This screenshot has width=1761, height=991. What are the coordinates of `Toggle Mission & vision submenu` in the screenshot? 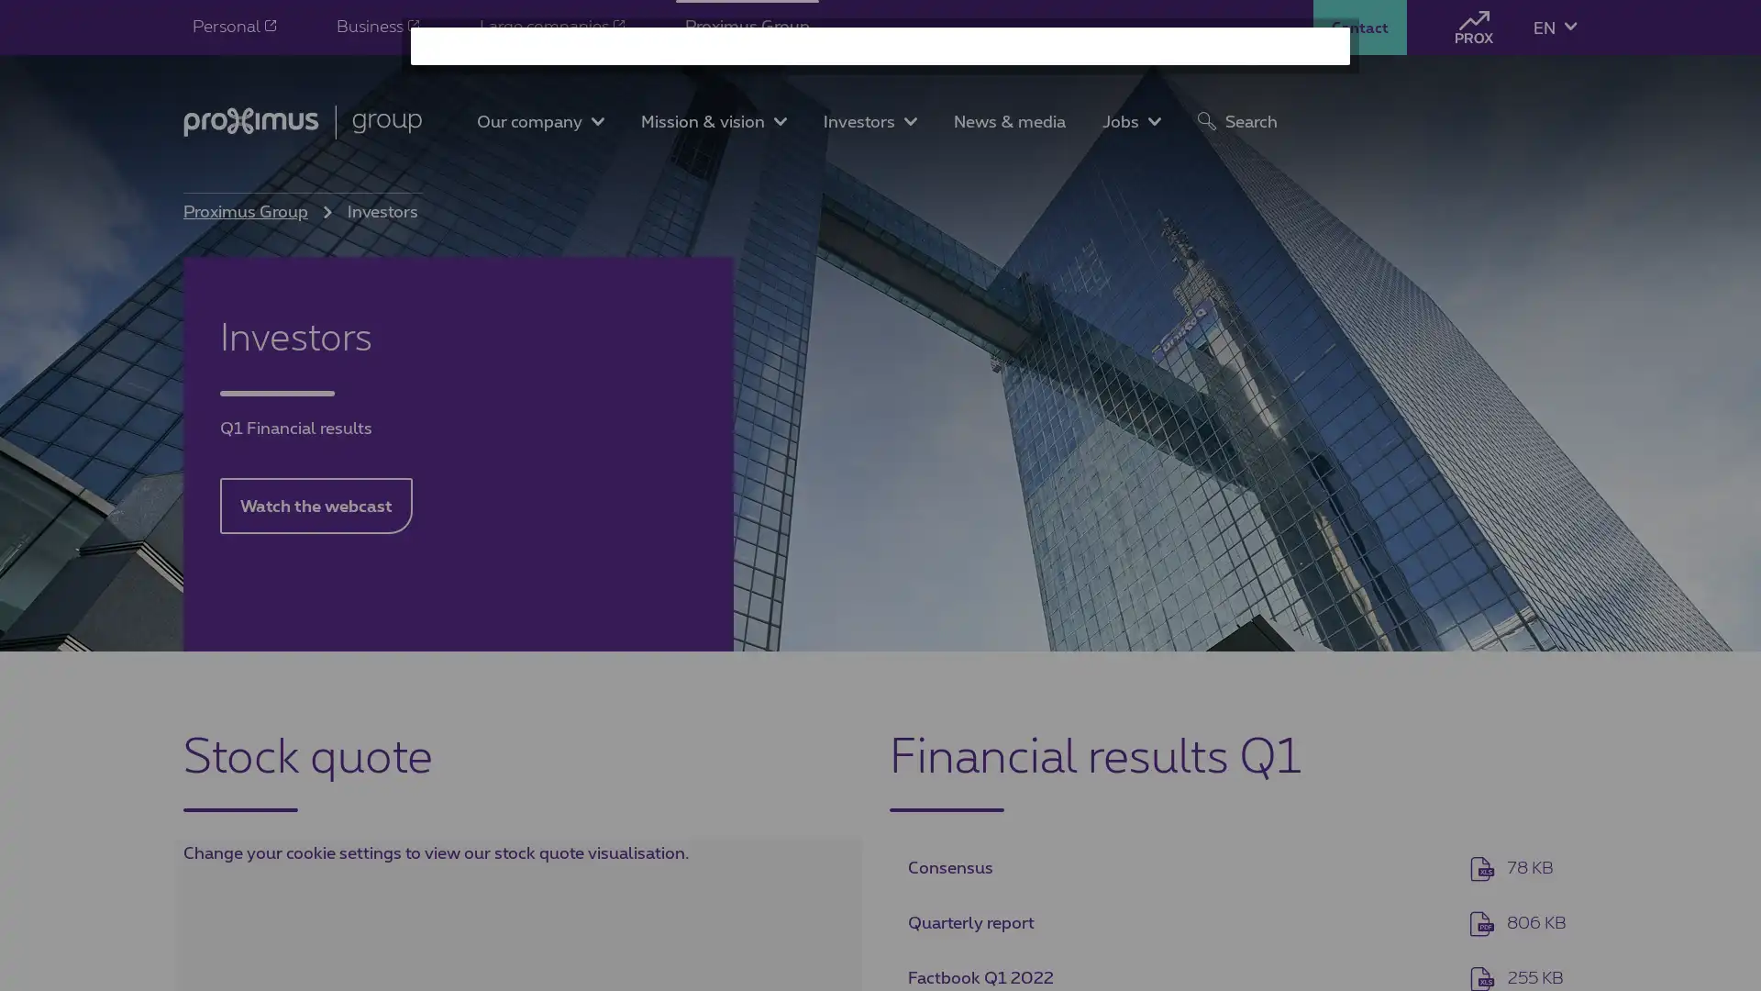 It's located at (713, 121).